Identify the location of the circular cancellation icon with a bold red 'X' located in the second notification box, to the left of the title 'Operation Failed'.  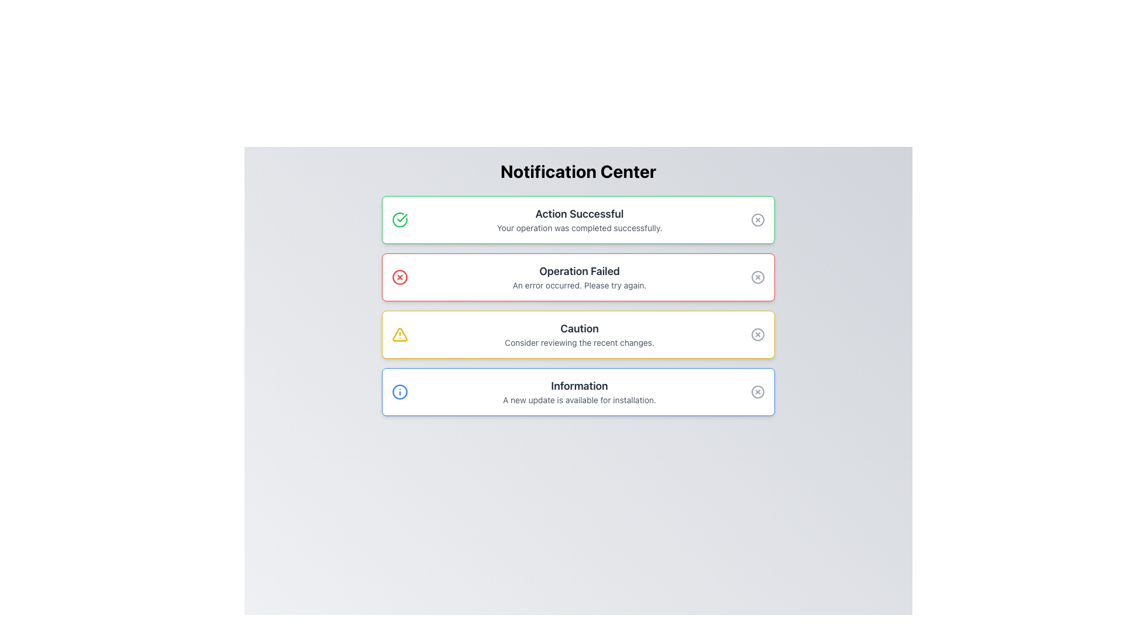
(400, 277).